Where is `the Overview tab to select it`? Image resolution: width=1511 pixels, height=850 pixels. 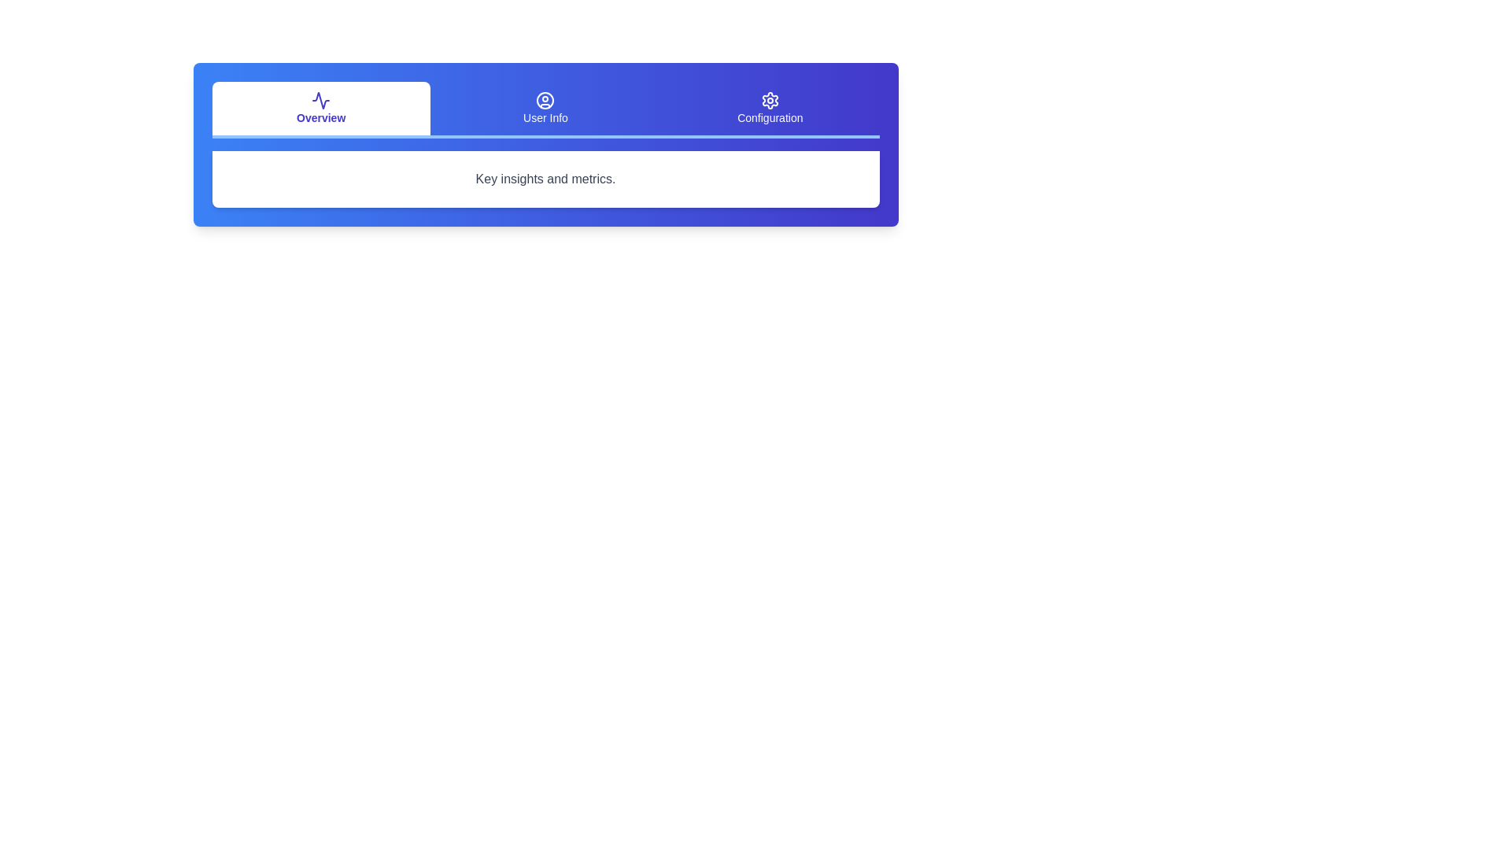
the Overview tab to select it is located at coordinates (320, 108).